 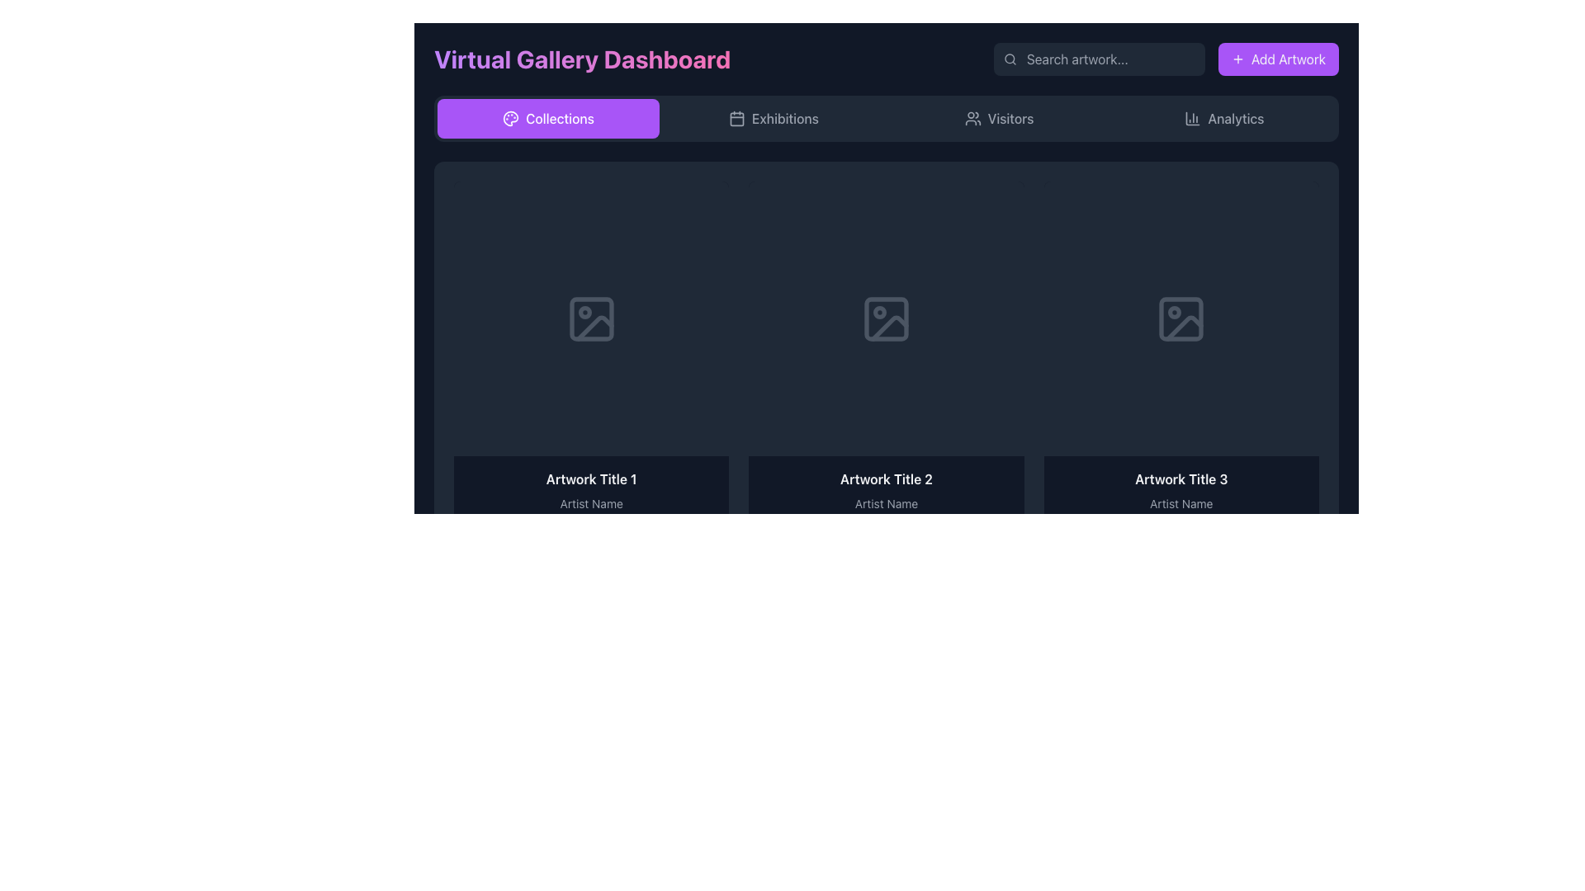 What do you see at coordinates (1180, 318) in the screenshot?
I see `the empty artwork placeholder icon located at the center of the third panel on the gallery page` at bounding box center [1180, 318].